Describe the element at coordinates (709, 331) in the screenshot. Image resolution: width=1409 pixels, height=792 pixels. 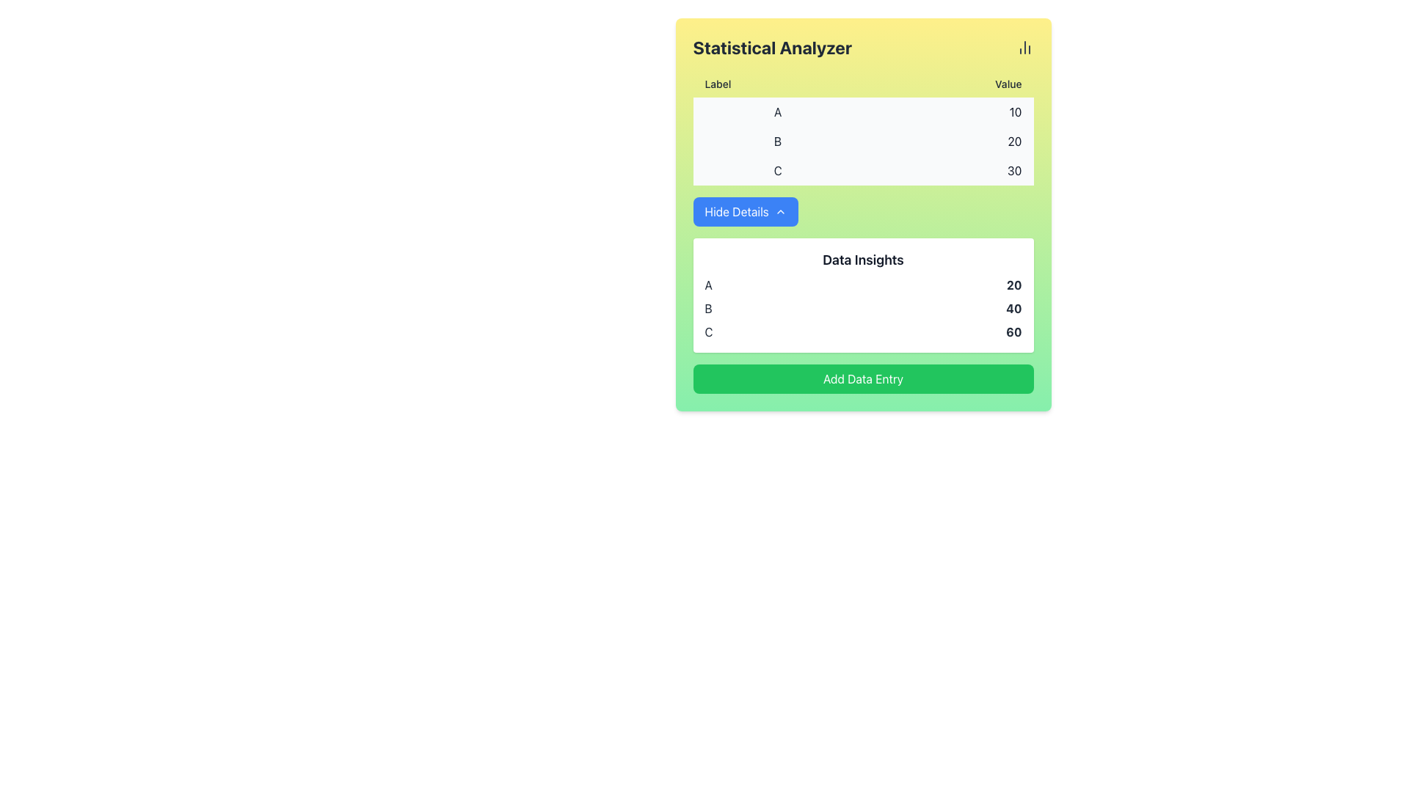
I see `the Text Label indicating 'C' in the 'Label' column of the 'Data Insights' section, which is the third label below 'B'` at that location.